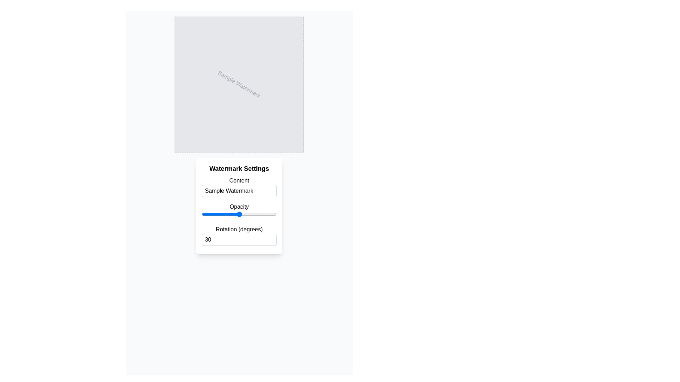  What do you see at coordinates (239, 206) in the screenshot?
I see `the watermark customization panel that allows users to modify text, opacity, and rotation settings` at bounding box center [239, 206].